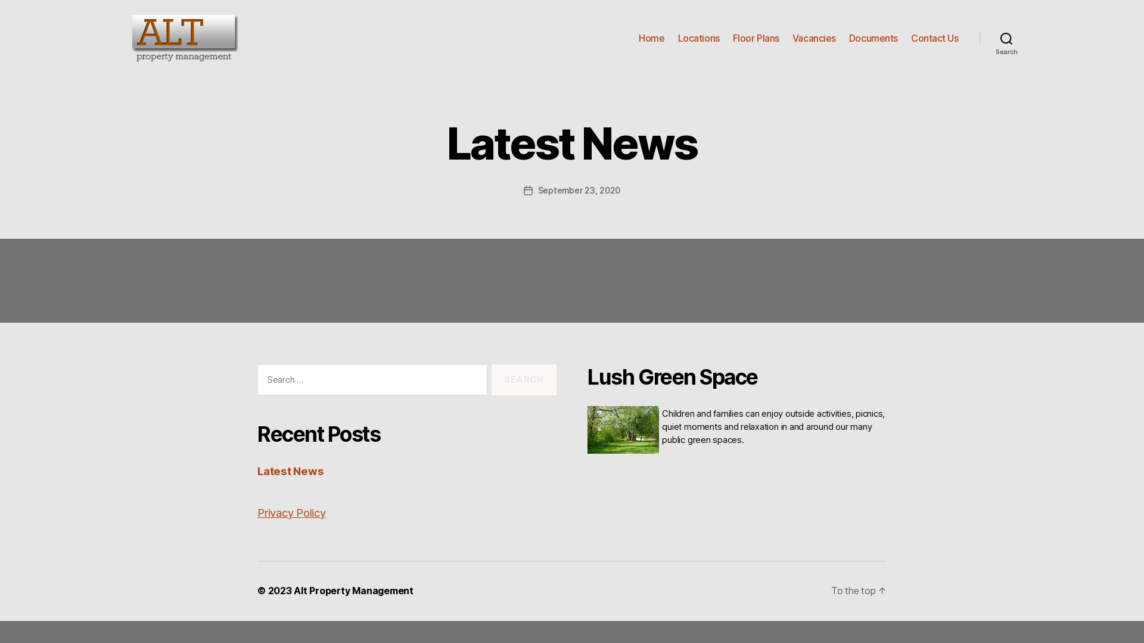 This screenshot has height=643, width=1144. Describe the element at coordinates (677, 38) in the screenshot. I see `'Locations'` at that location.